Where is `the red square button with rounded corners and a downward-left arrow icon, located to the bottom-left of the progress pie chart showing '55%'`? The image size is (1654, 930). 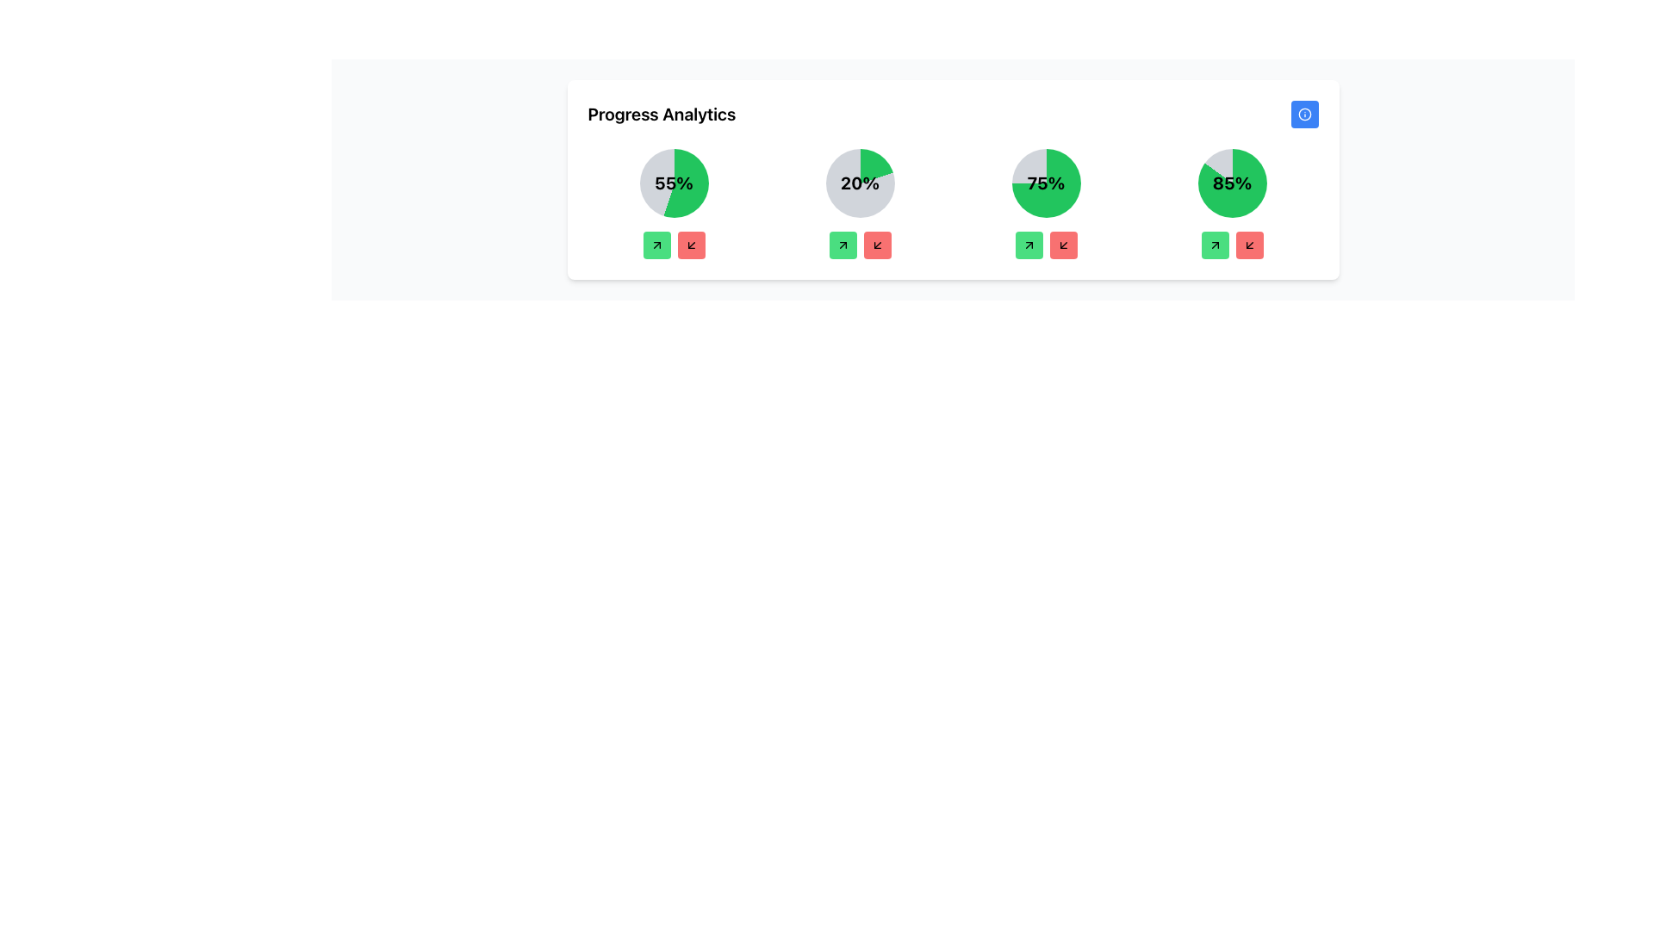 the red square button with rounded corners and a downward-left arrow icon, located to the bottom-left of the progress pie chart showing '55%' is located at coordinates (691, 245).